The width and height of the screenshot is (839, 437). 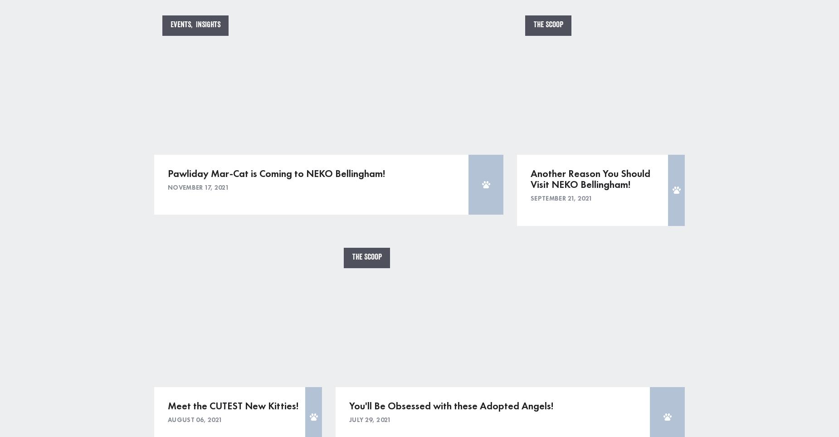 I want to click on ',', so click(x=193, y=25).